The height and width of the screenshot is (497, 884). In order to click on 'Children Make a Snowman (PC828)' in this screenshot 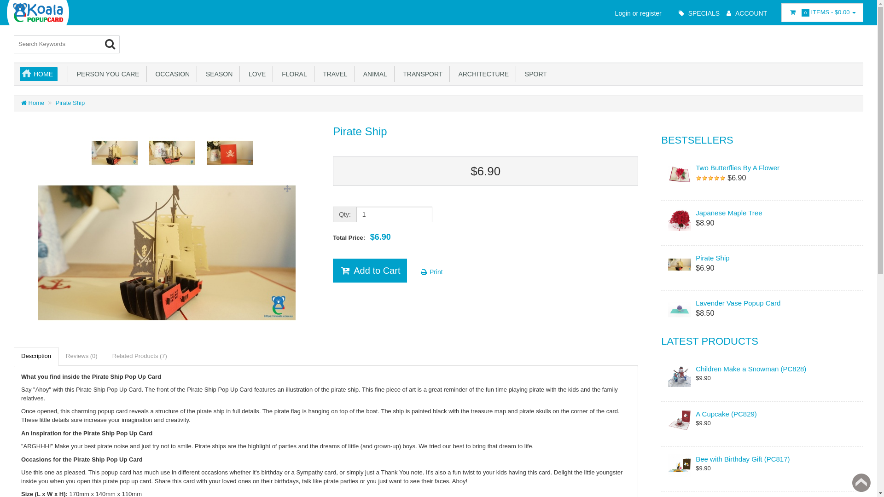, I will do `click(762, 368)`.